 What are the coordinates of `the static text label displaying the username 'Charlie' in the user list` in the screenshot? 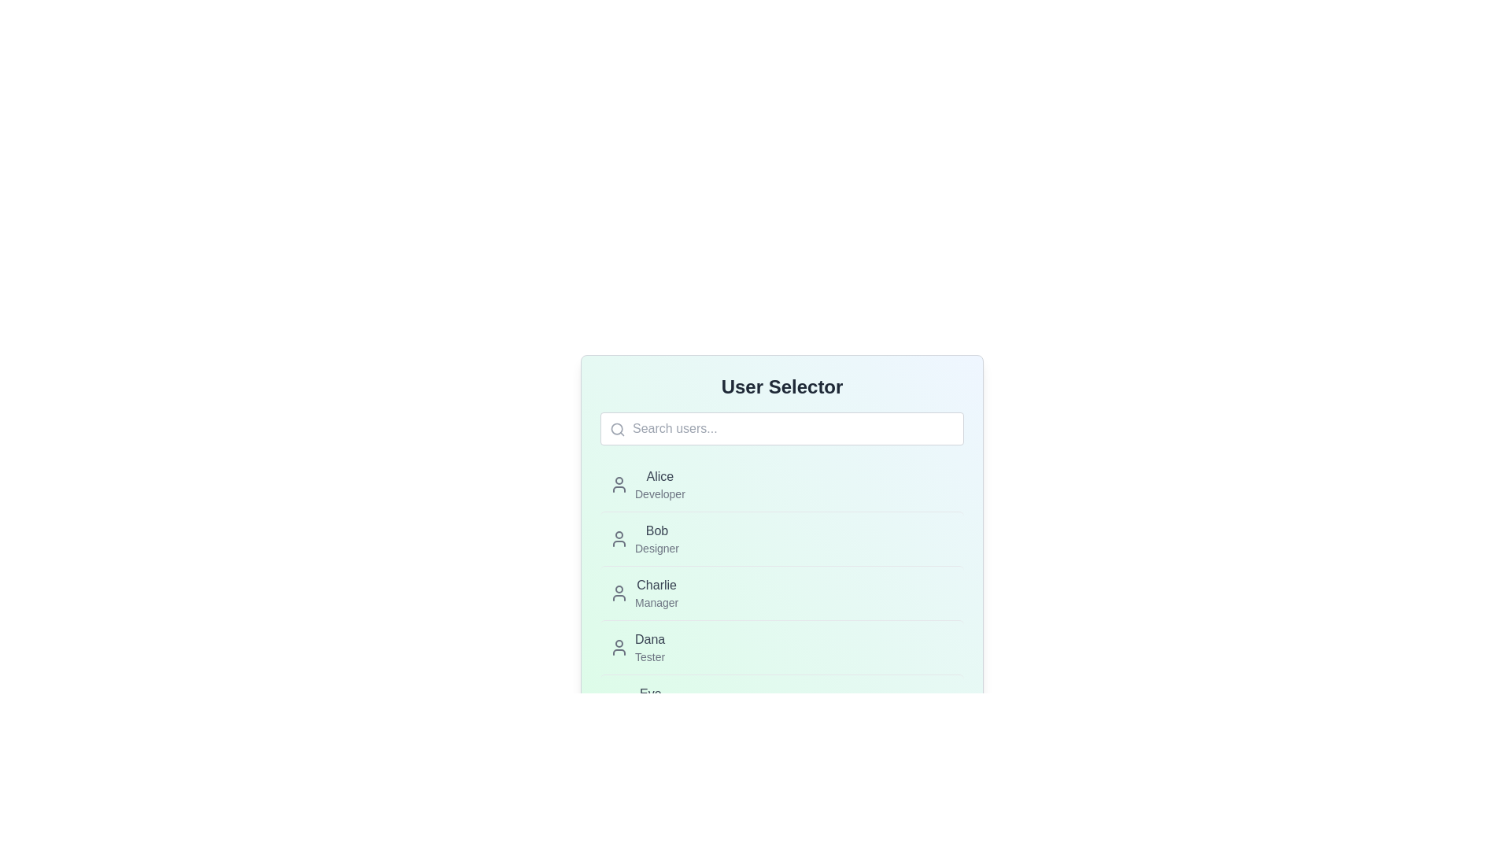 It's located at (656, 586).